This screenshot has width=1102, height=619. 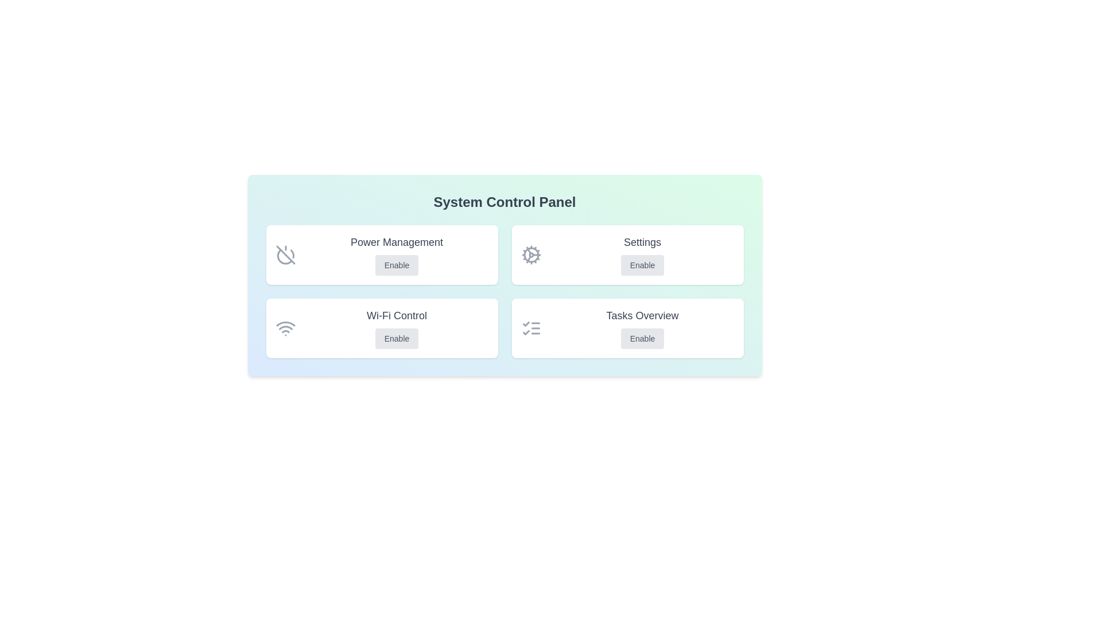 I want to click on the power management icon located in the top left section of the 'Power Management' panel, positioned to the left of the 'Power Management' text and above the 'Enable' button, so click(x=285, y=254).